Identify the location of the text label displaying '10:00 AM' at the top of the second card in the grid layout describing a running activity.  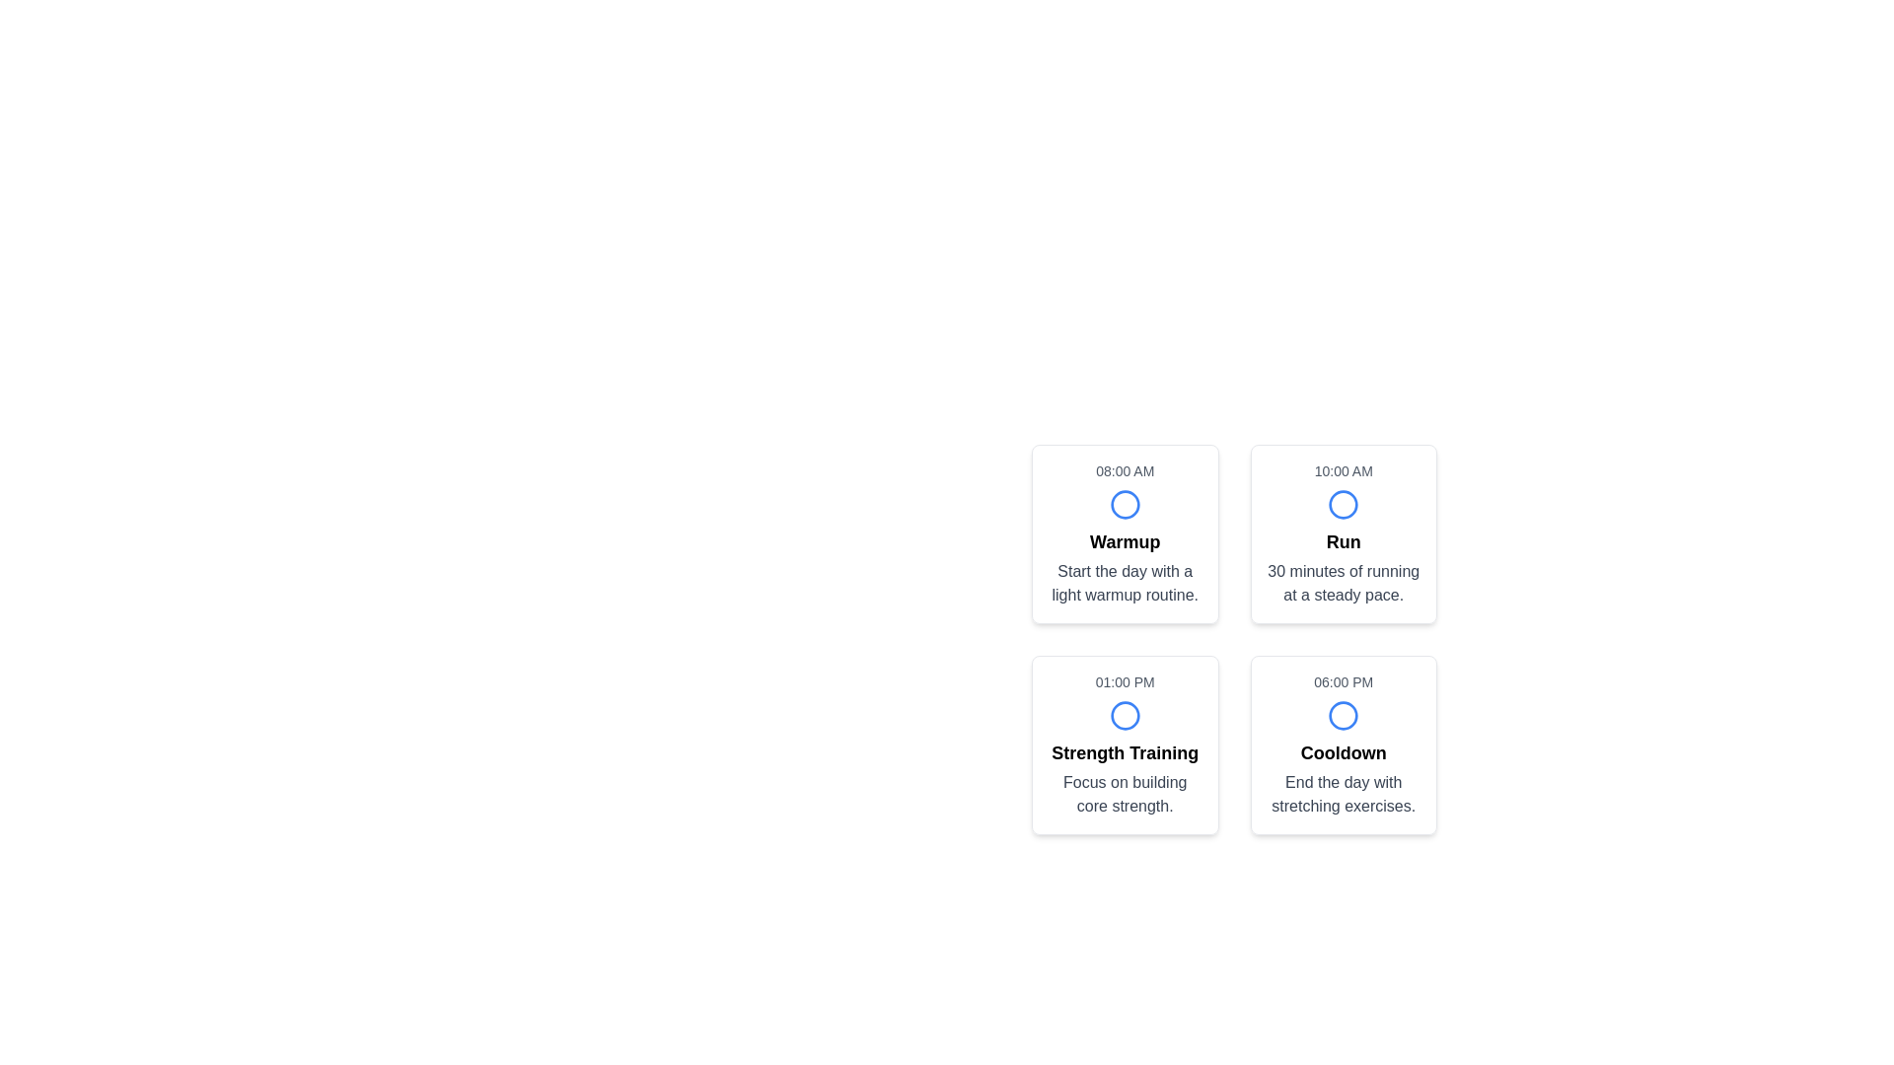
(1343, 471).